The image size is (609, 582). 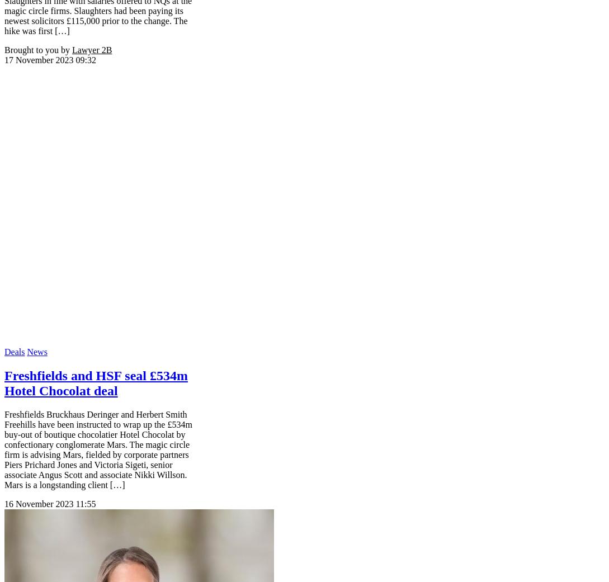 What do you see at coordinates (36, 49) in the screenshot?
I see `'Brought to you by'` at bounding box center [36, 49].